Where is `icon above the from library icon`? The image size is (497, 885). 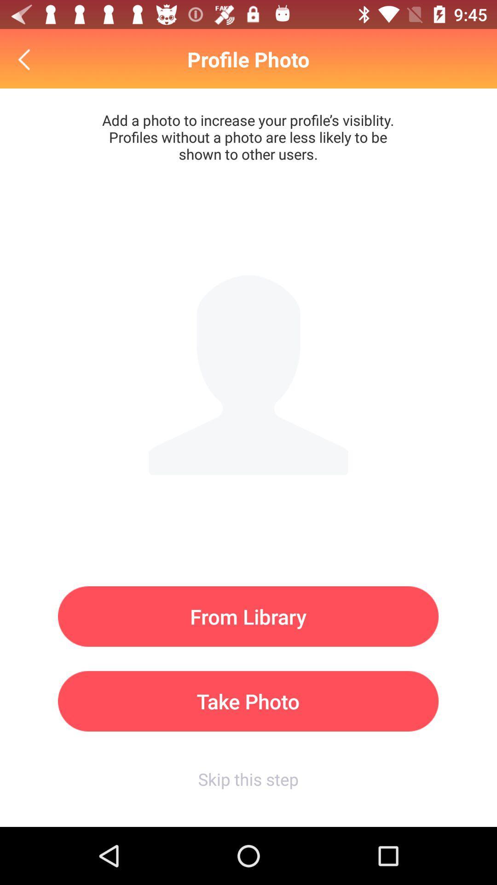 icon above the from library icon is located at coordinates (26, 59).